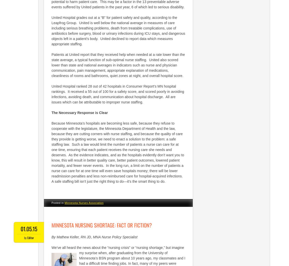 The height and width of the screenshot is (266, 289). I want to click on 'Minnesota Nurses Association', so click(84, 203).